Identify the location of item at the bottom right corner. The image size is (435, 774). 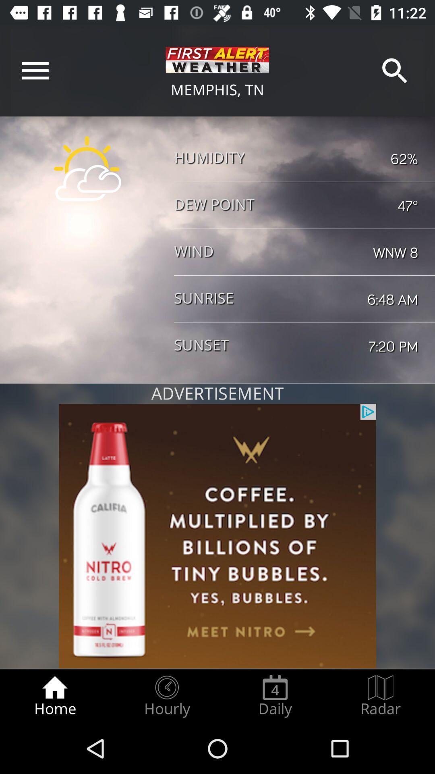
(381, 696).